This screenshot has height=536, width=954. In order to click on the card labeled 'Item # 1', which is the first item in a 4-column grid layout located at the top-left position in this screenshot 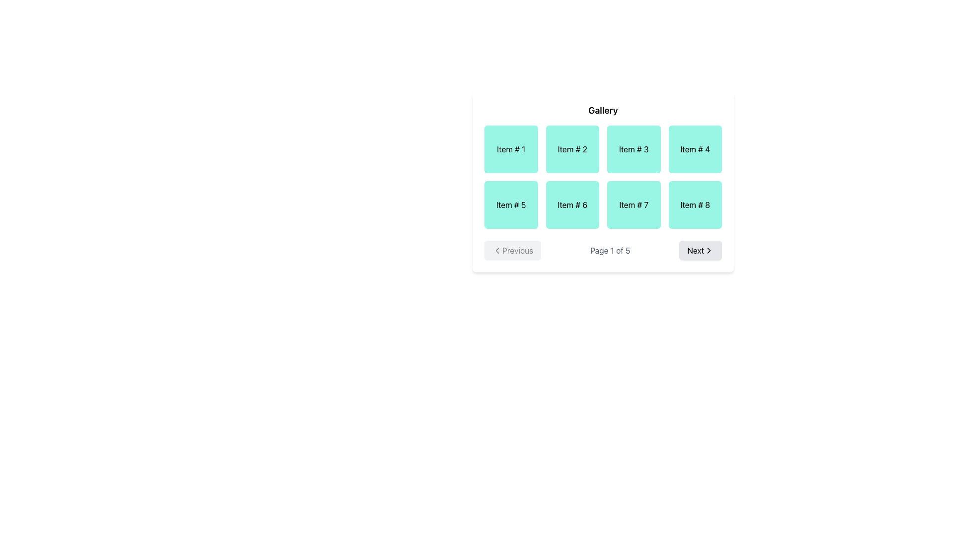, I will do `click(511, 149)`.